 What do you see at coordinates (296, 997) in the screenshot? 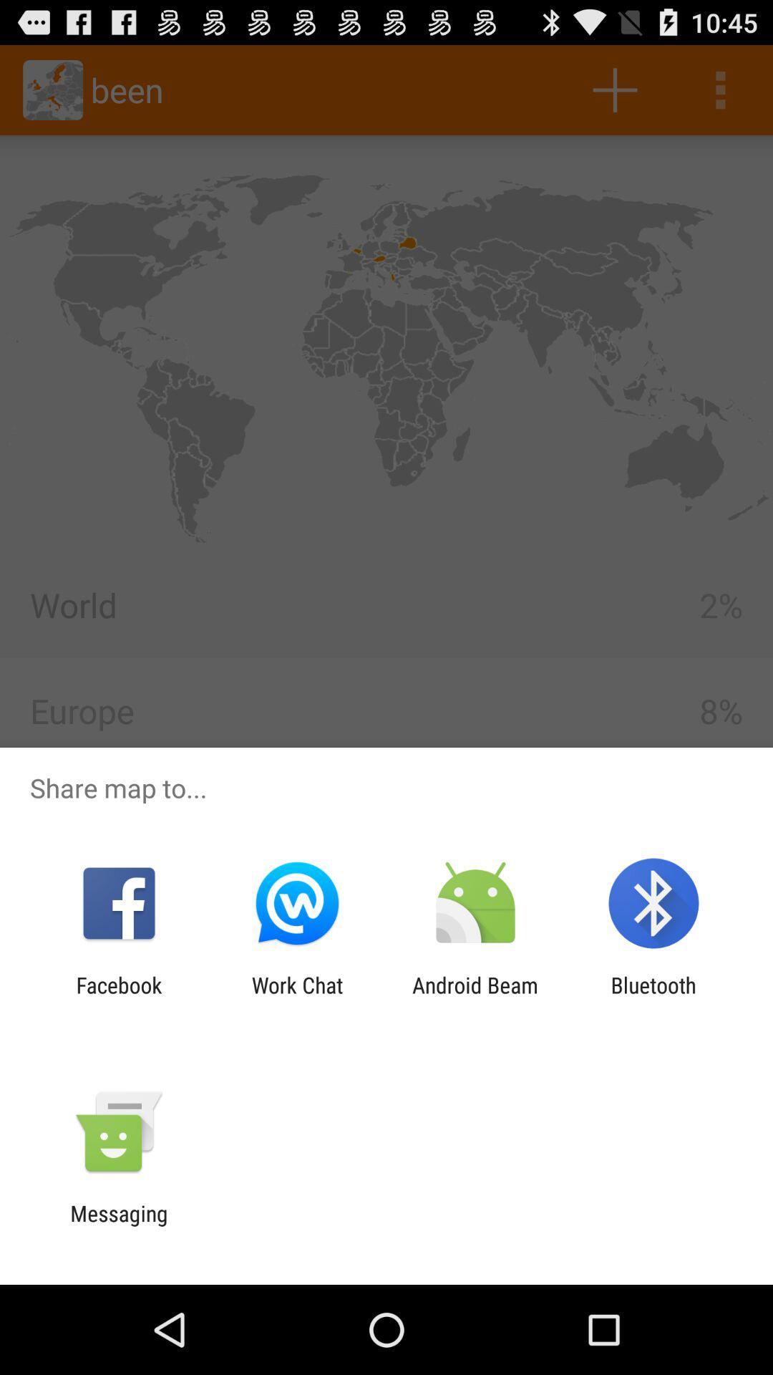
I see `the work chat item` at bounding box center [296, 997].